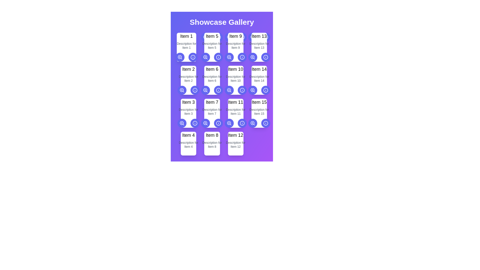 The height and width of the screenshot is (270, 480). I want to click on the first button with an embedded icon below the 'Item 2' card, so click(182, 90).